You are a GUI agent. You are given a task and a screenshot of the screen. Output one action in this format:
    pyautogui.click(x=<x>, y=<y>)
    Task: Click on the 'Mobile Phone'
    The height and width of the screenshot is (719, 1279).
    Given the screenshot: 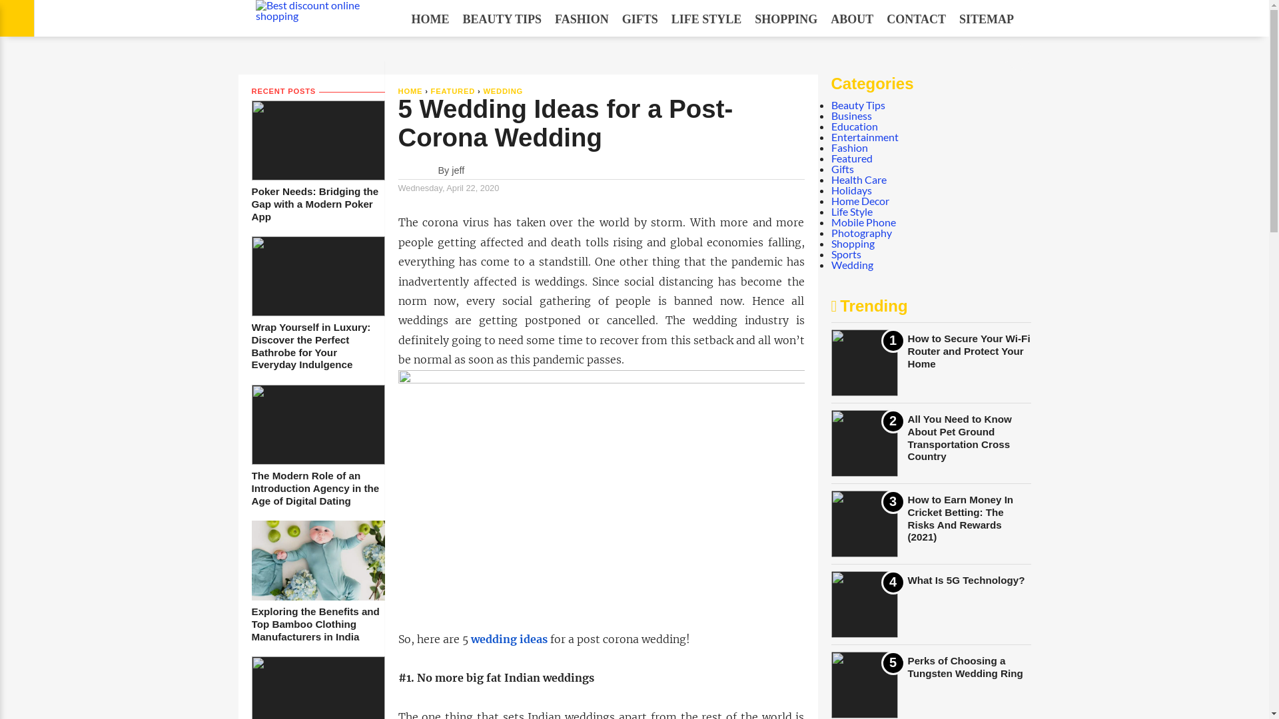 What is the action you would take?
    pyautogui.click(x=863, y=221)
    